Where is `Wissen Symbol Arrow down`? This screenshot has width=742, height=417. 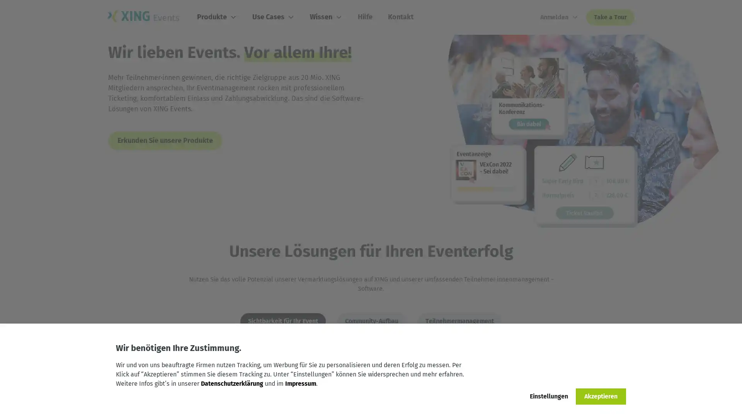
Wissen Symbol Arrow down is located at coordinates (326, 17).